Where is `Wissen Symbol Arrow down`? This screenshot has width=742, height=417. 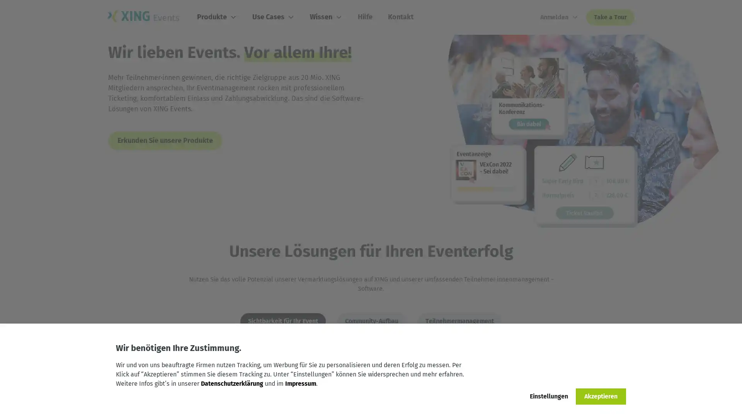
Wissen Symbol Arrow down is located at coordinates (326, 17).